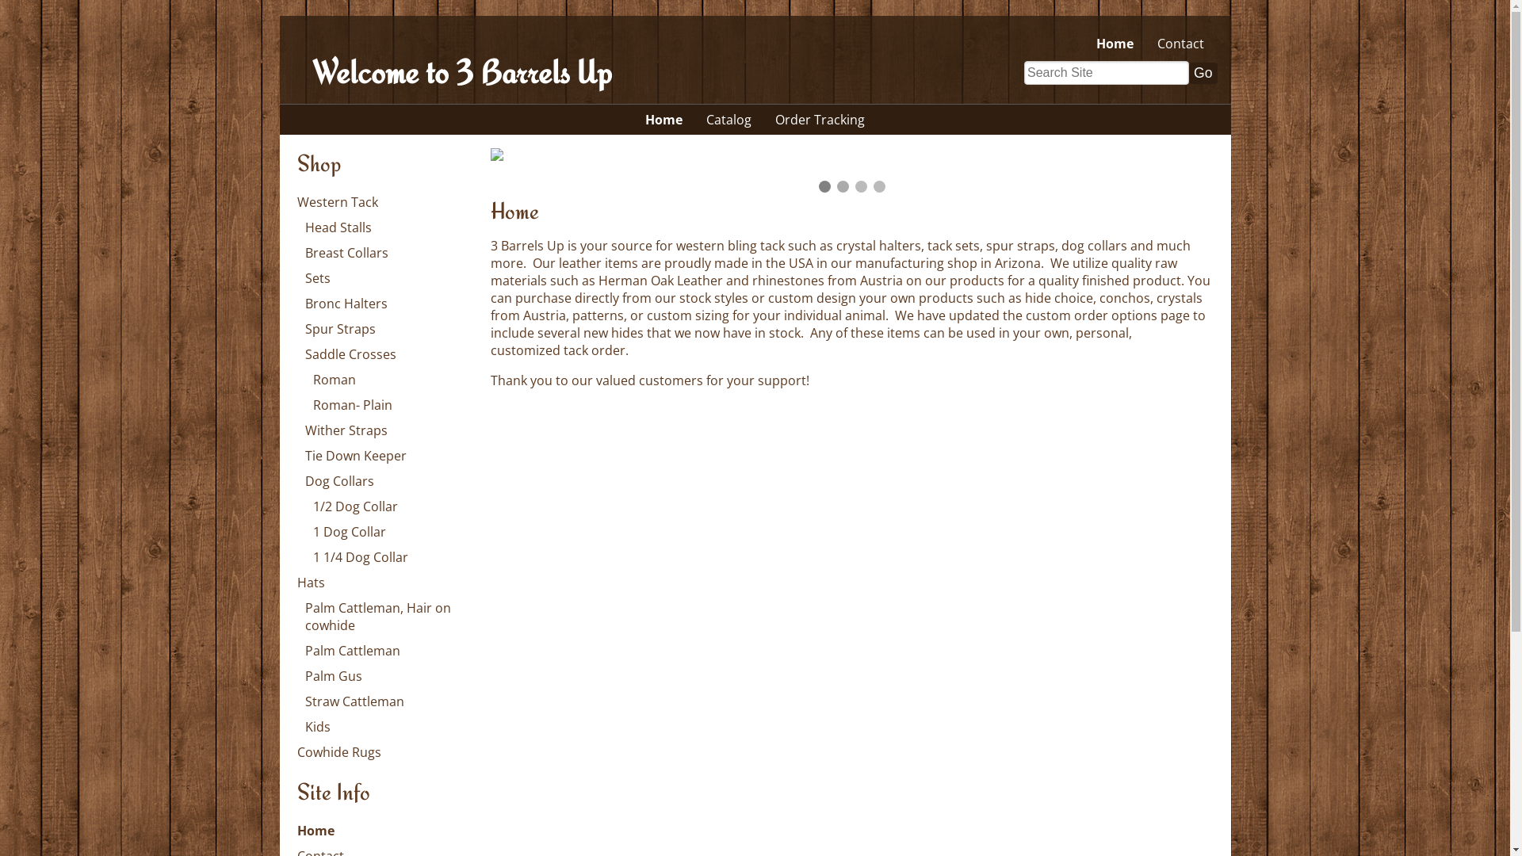 The image size is (1522, 856). What do you see at coordinates (728, 118) in the screenshot?
I see `'Catalog'` at bounding box center [728, 118].